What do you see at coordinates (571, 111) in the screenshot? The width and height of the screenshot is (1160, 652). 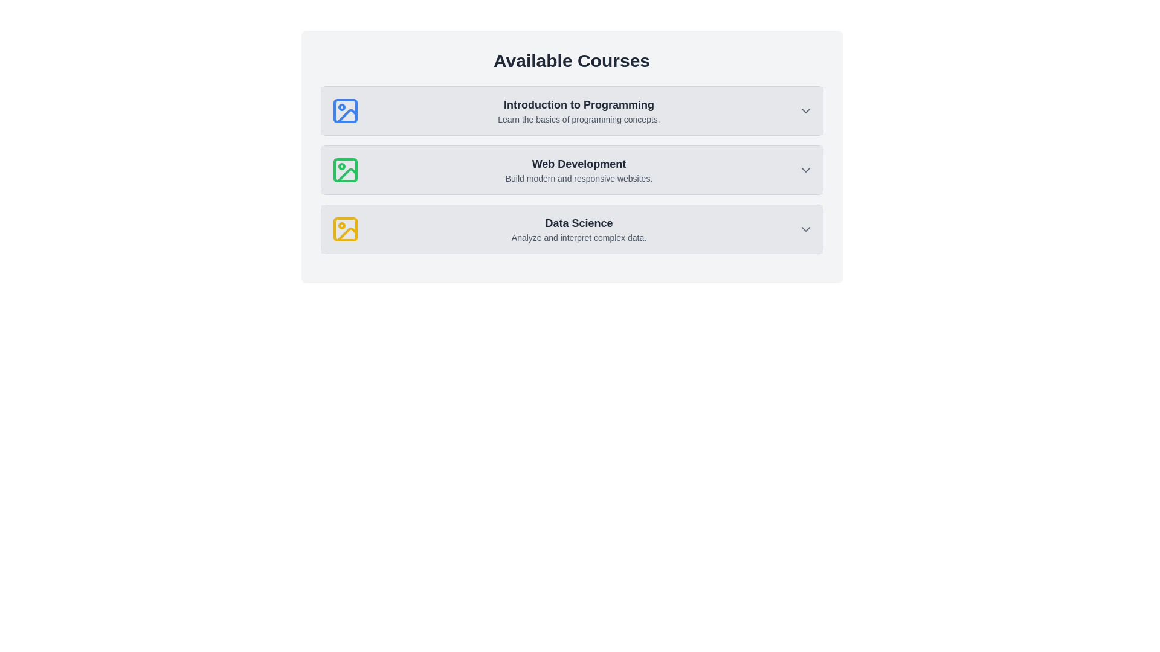 I see `the list item representing the course titled 'Introduction to Programming' located under the heading 'Available Courses'` at bounding box center [571, 111].